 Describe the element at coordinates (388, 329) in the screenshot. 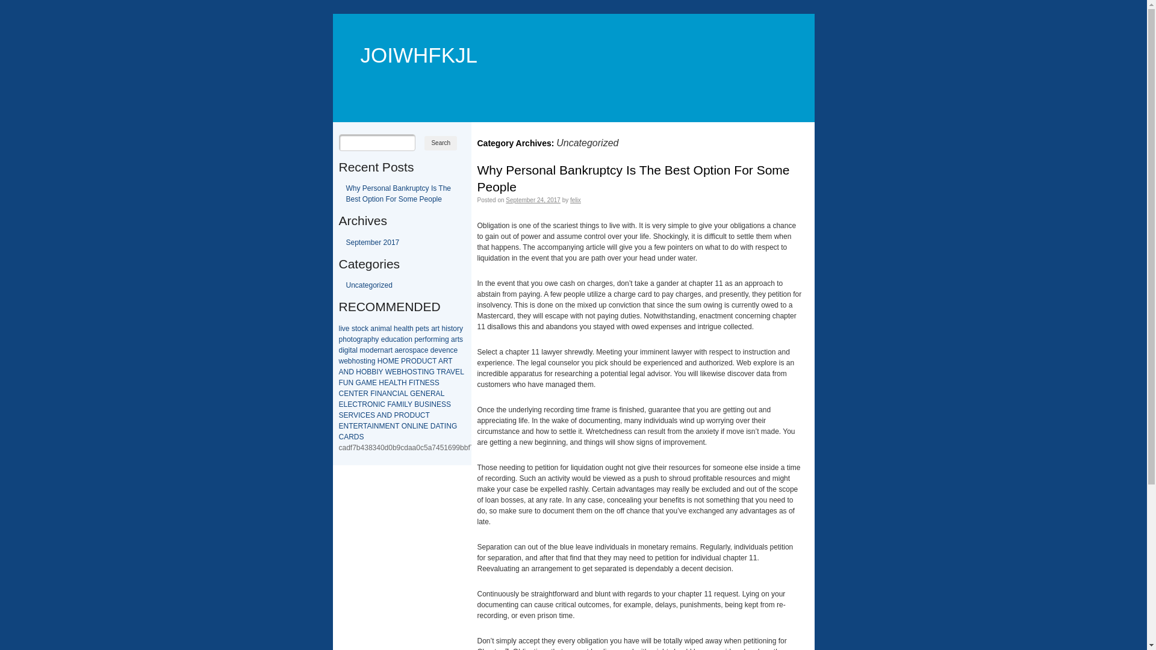

I see `'a'` at that location.